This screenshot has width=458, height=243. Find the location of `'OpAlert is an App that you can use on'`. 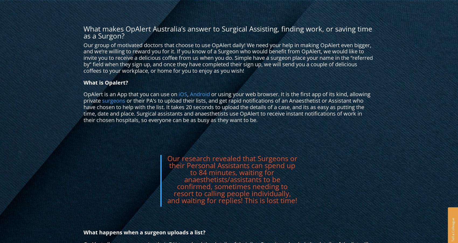

'OpAlert is an App that you can use on' is located at coordinates (131, 94).